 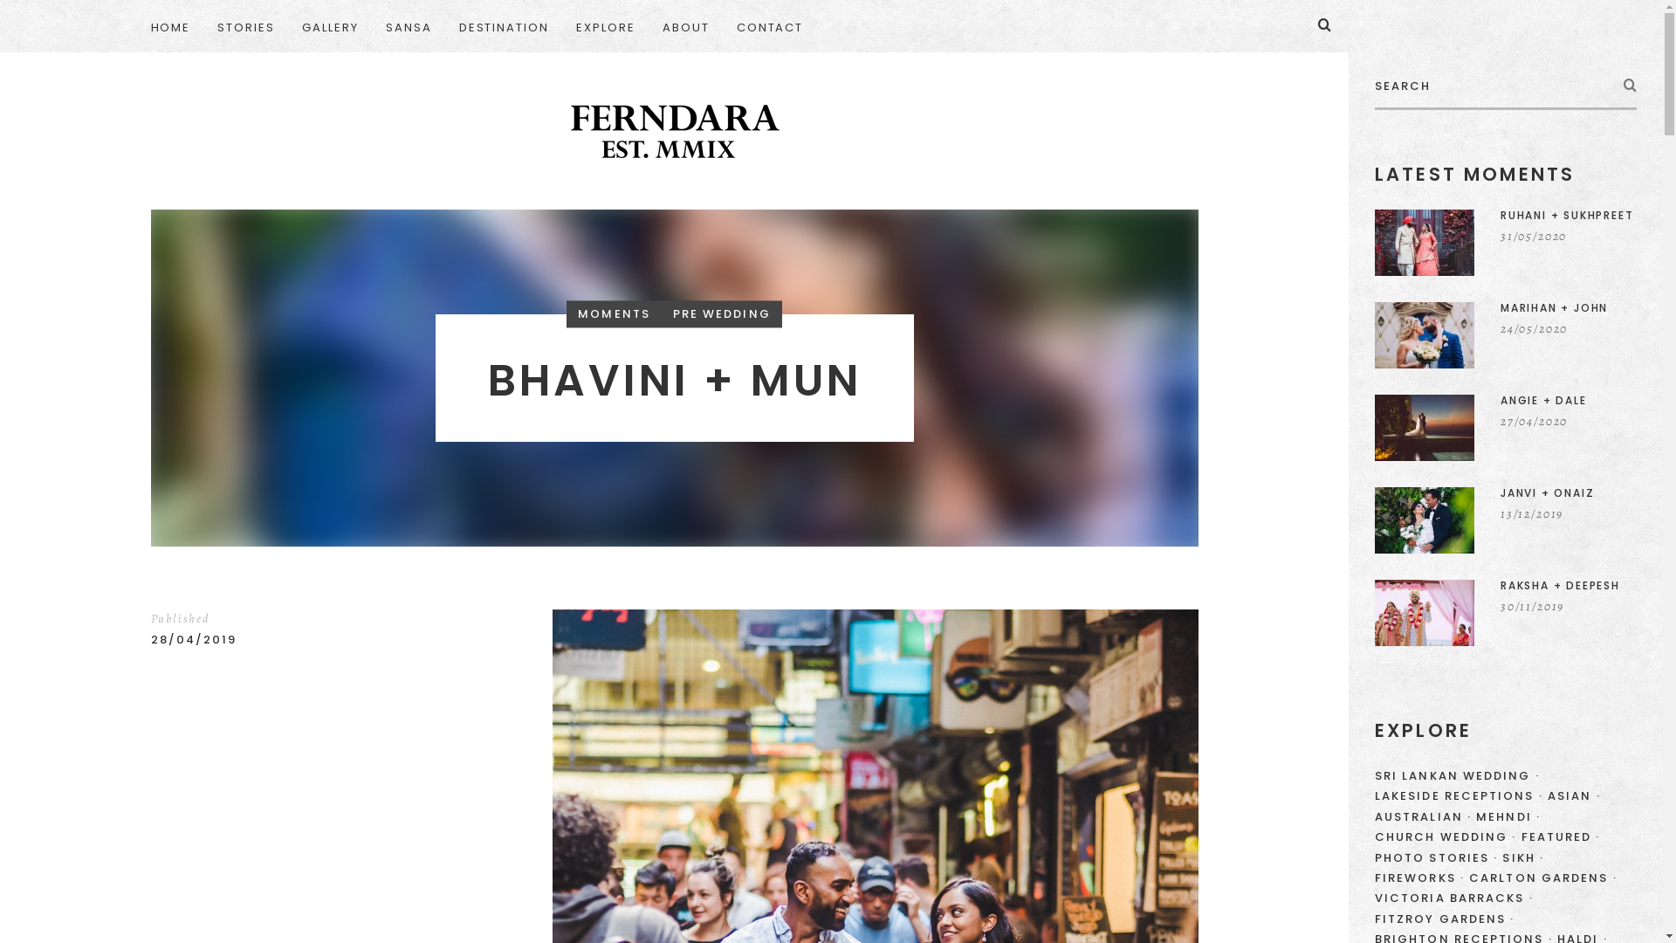 I want to click on 'ASIAN', so click(x=1574, y=795).